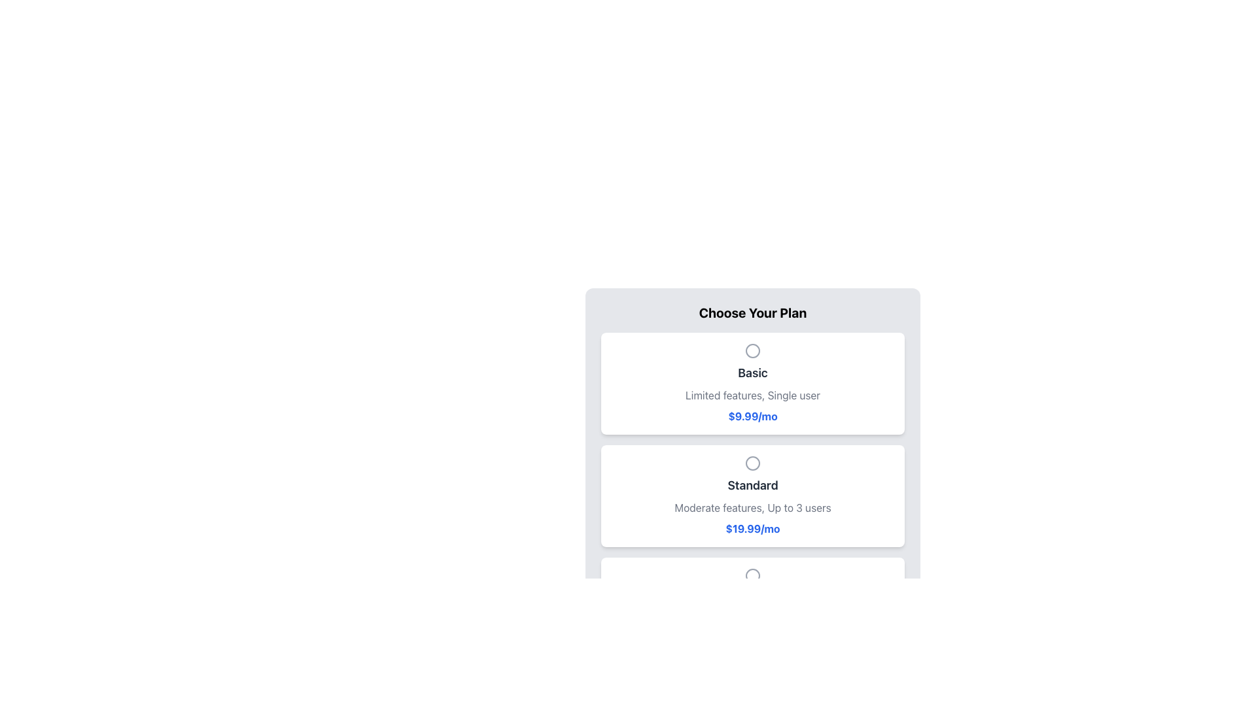 The image size is (1256, 706). Describe the element at coordinates (753, 463) in the screenshot. I see `the circular radio button within the 'Standard' plan card, located under the 'Choose Your Plan' title` at that location.